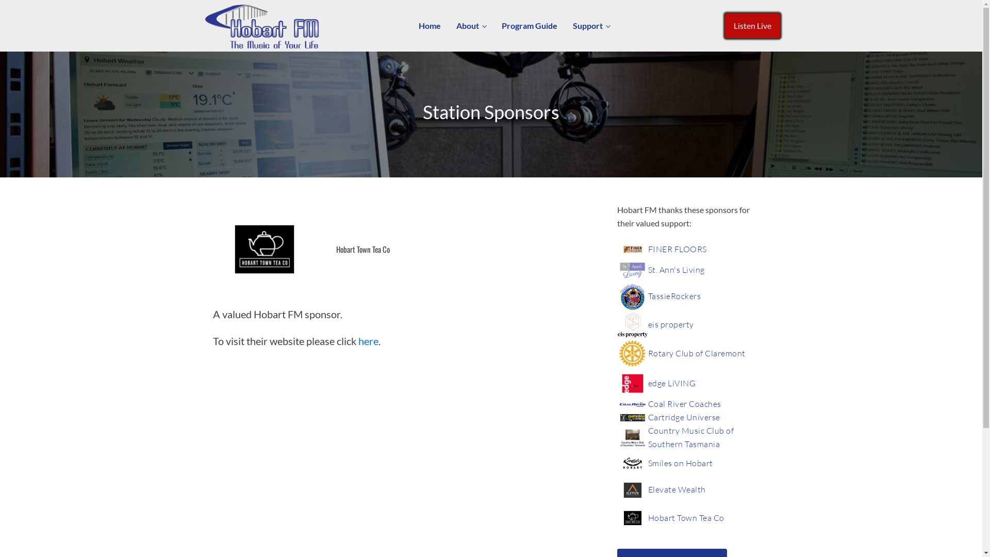 Image resolution: width=990 pixels, height=557 pixels. Describe the element at coordinates (647, 384) in the screenshot. I see `'edge LiVING'` at that location.